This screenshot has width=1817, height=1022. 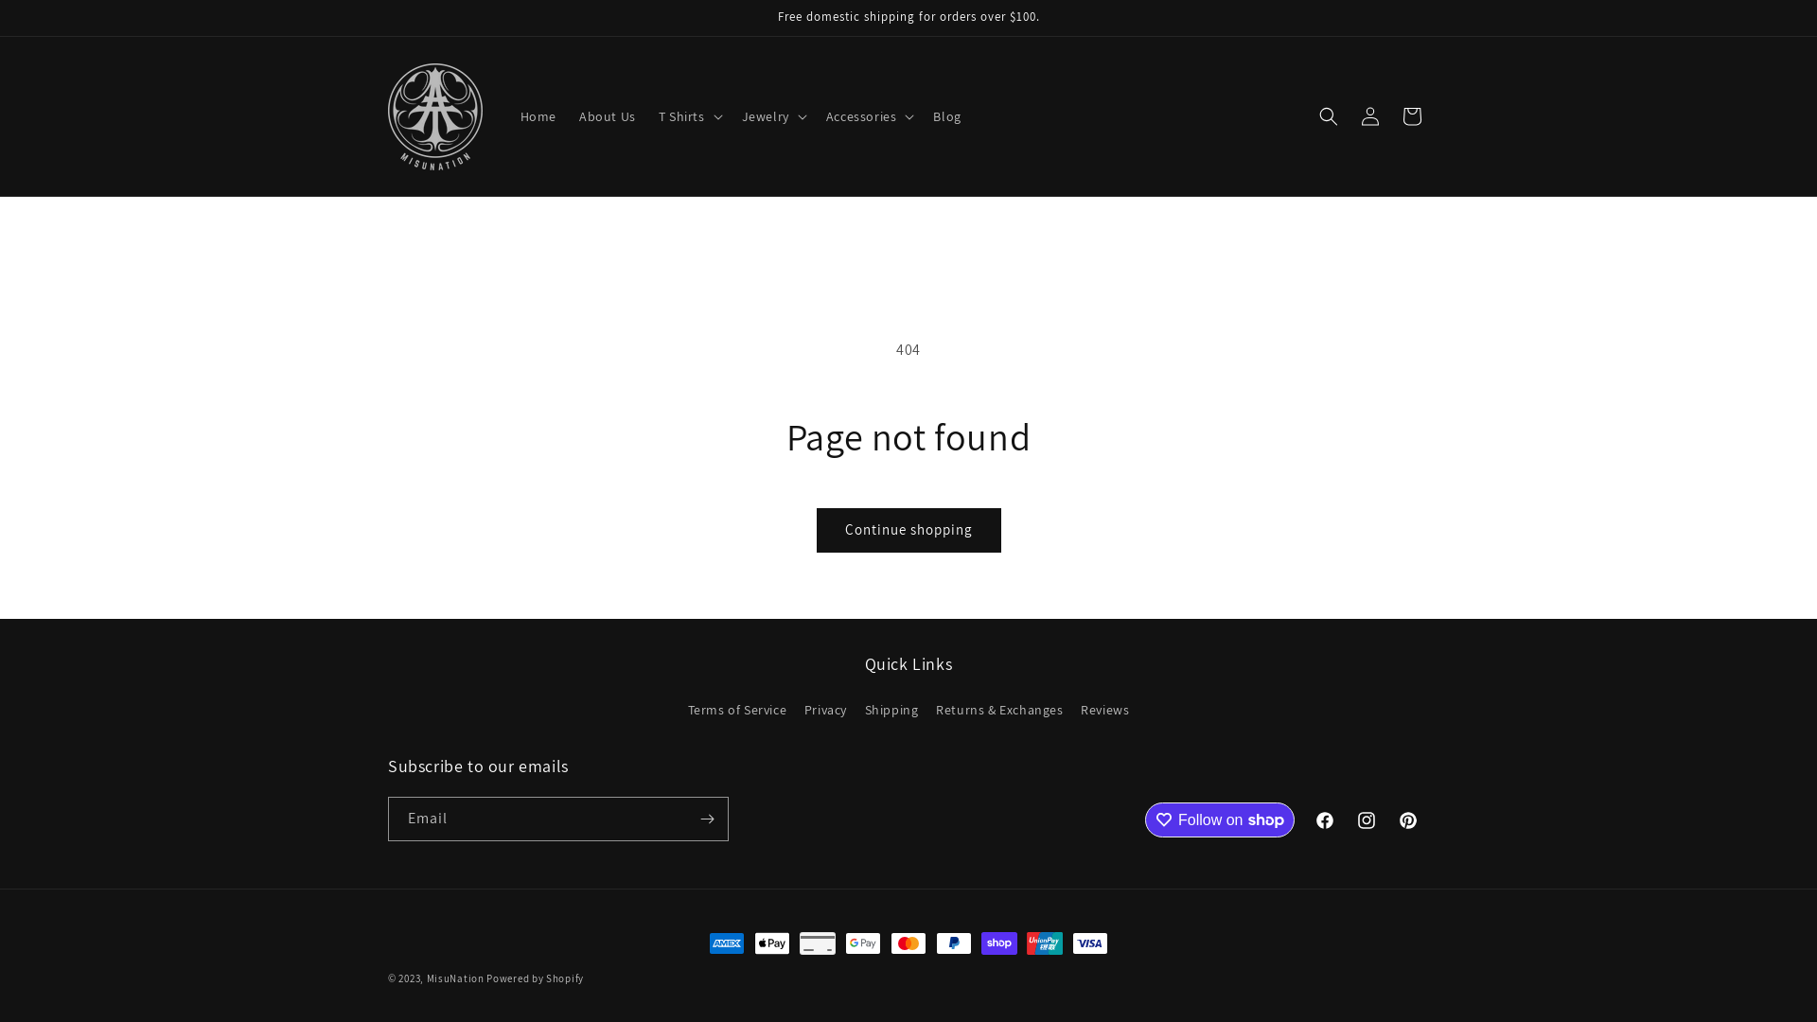 I want to click on 'About Us', so click(x=608, y=116).